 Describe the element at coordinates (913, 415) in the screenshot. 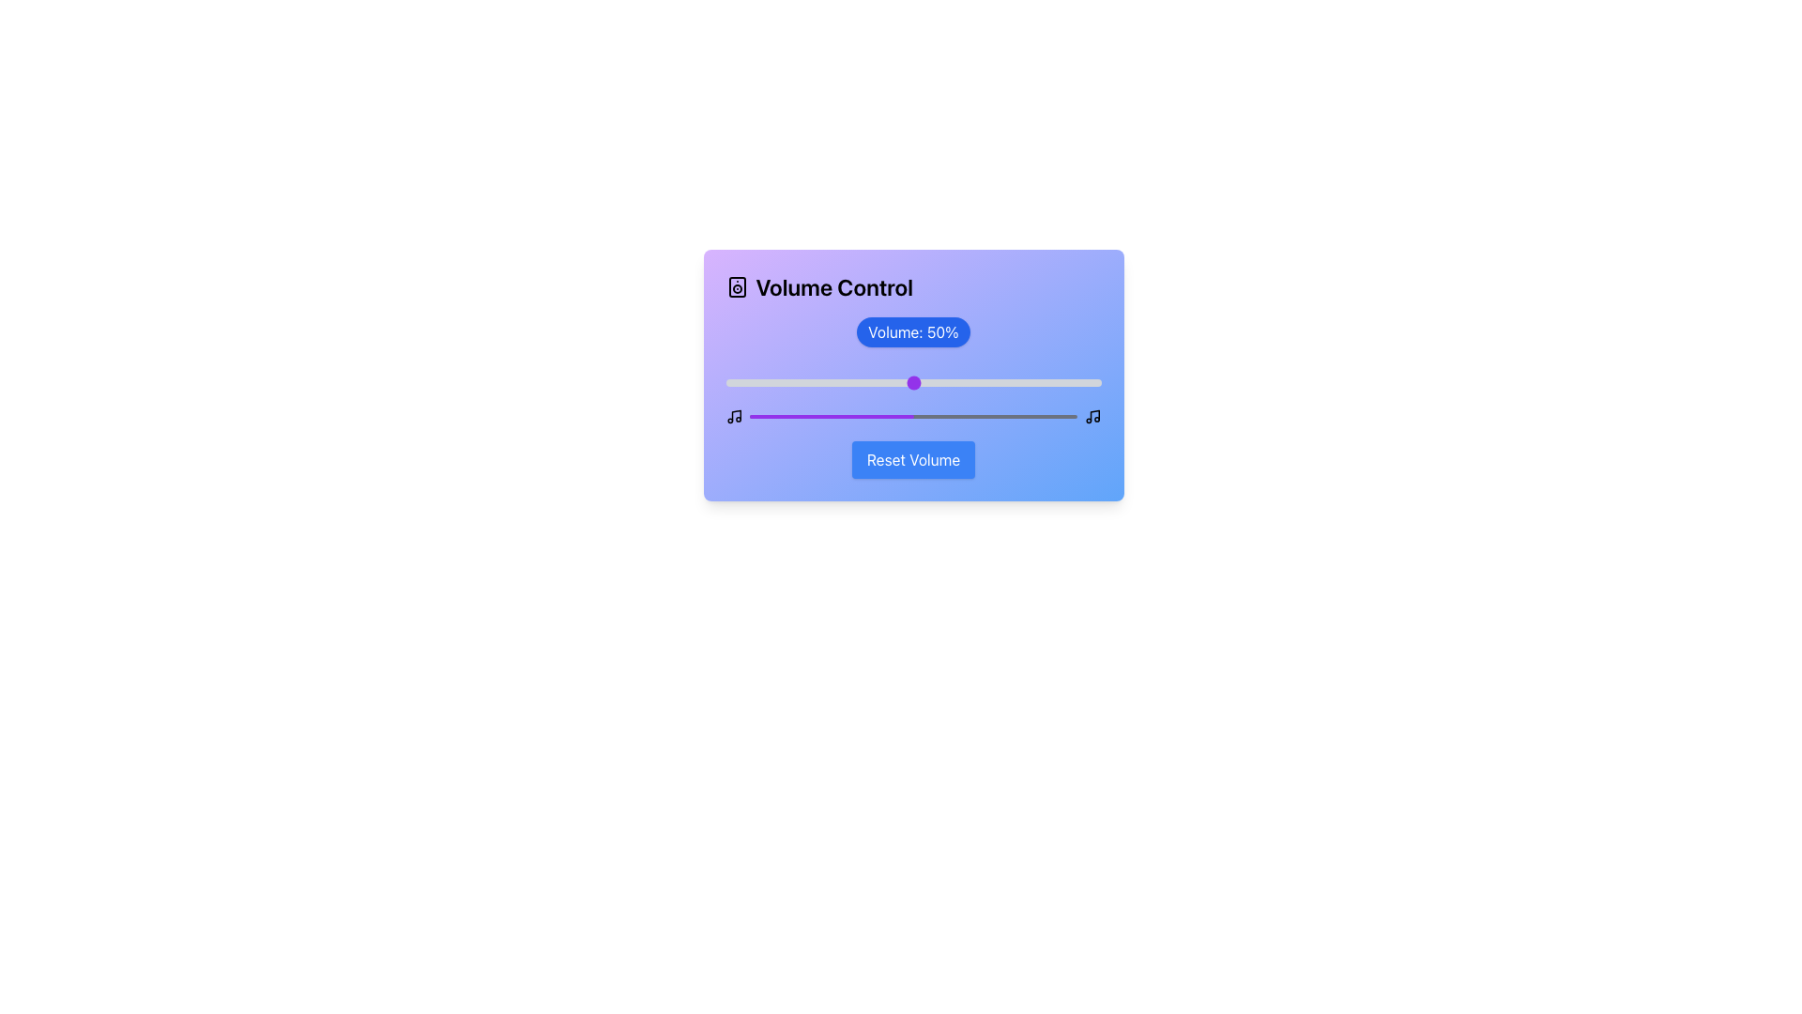

I see `the horizontal progress bar in the volume control interface, which is light gray with a purple filling occupying half its length` at that location.